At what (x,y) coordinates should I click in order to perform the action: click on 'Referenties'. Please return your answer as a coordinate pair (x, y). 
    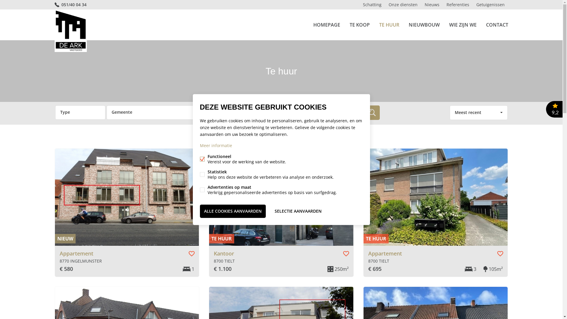
    Looking at the image, I should click on (443, 4).